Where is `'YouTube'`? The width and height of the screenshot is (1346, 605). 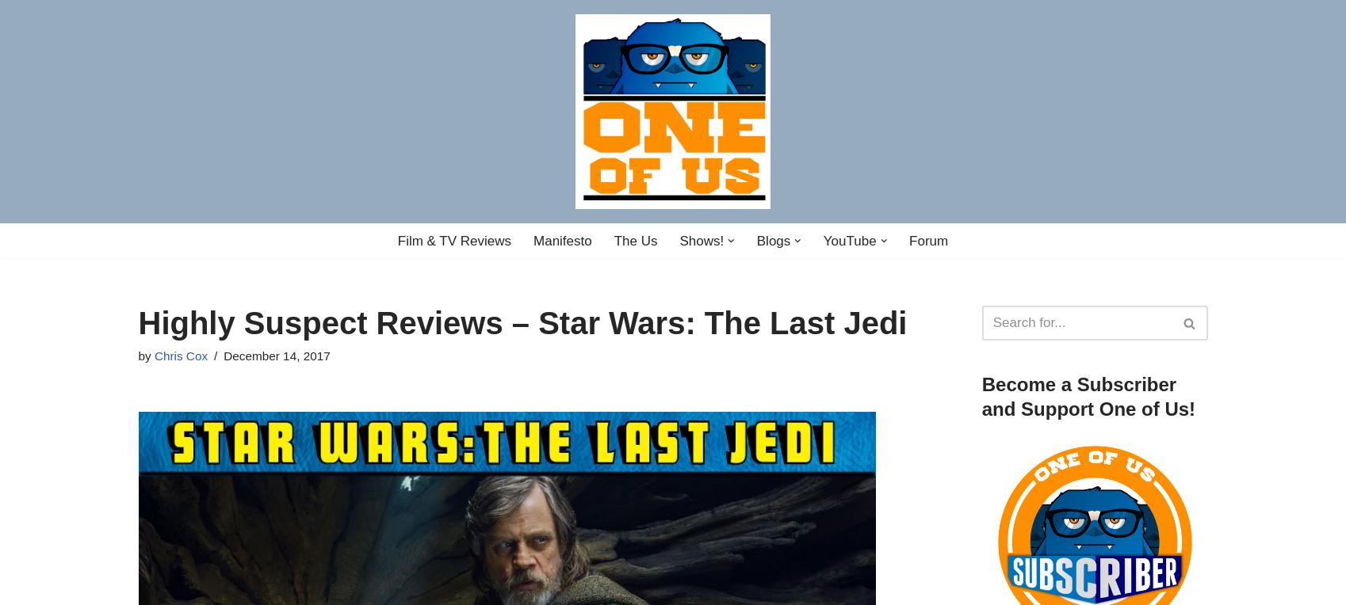 'YouTube' is located at coordinates (849, 240).